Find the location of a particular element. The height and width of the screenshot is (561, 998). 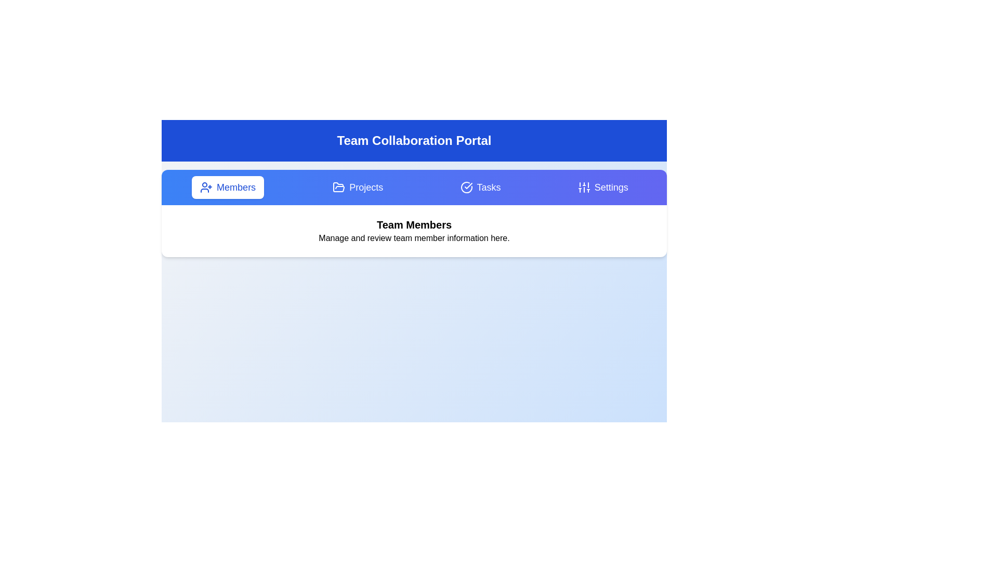

the settings icon located inside the 'Settings' button, which is the fourth button from the left in the navigation row, positioned before the 'Settings' text label is located at coordinates (584, 188).